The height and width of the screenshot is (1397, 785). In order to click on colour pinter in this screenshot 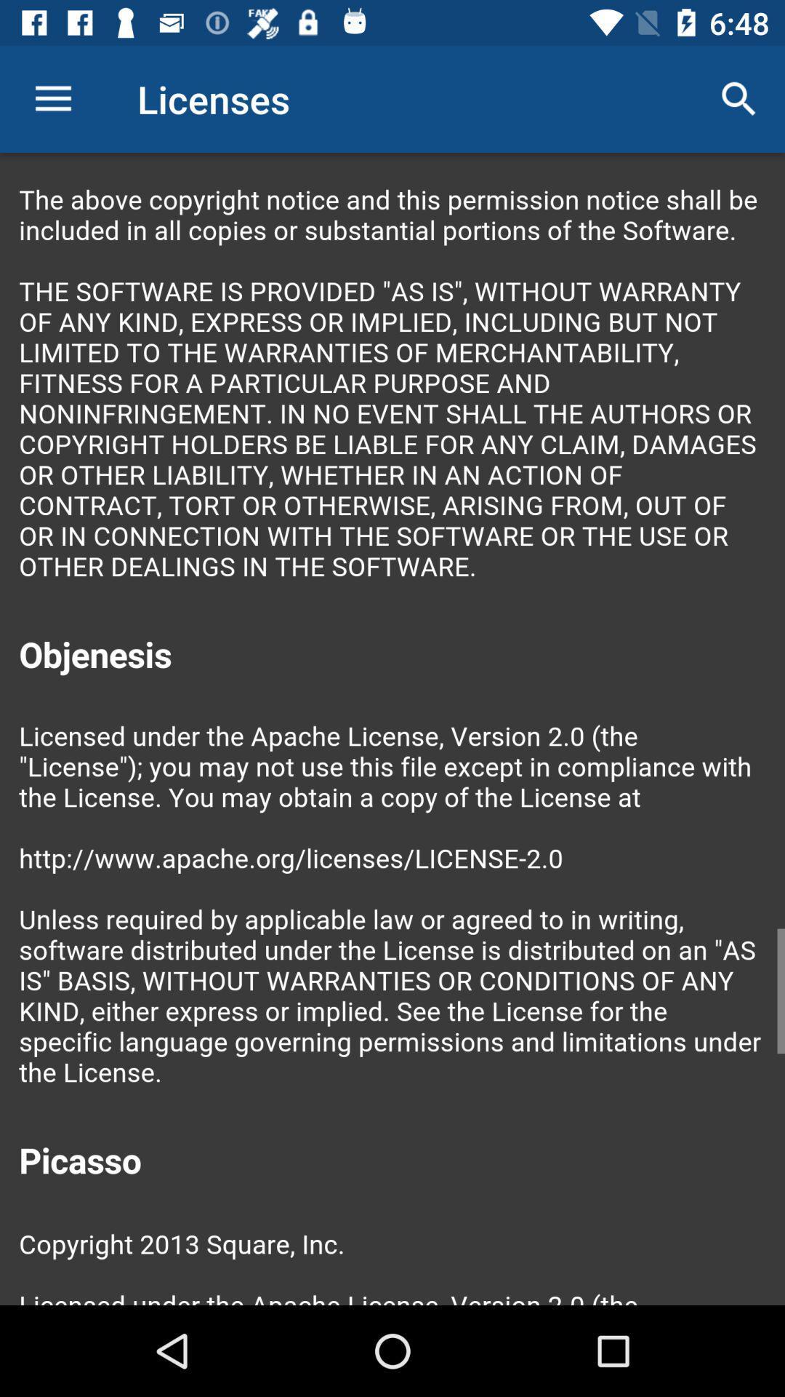, I will do `click(392, 729)`.